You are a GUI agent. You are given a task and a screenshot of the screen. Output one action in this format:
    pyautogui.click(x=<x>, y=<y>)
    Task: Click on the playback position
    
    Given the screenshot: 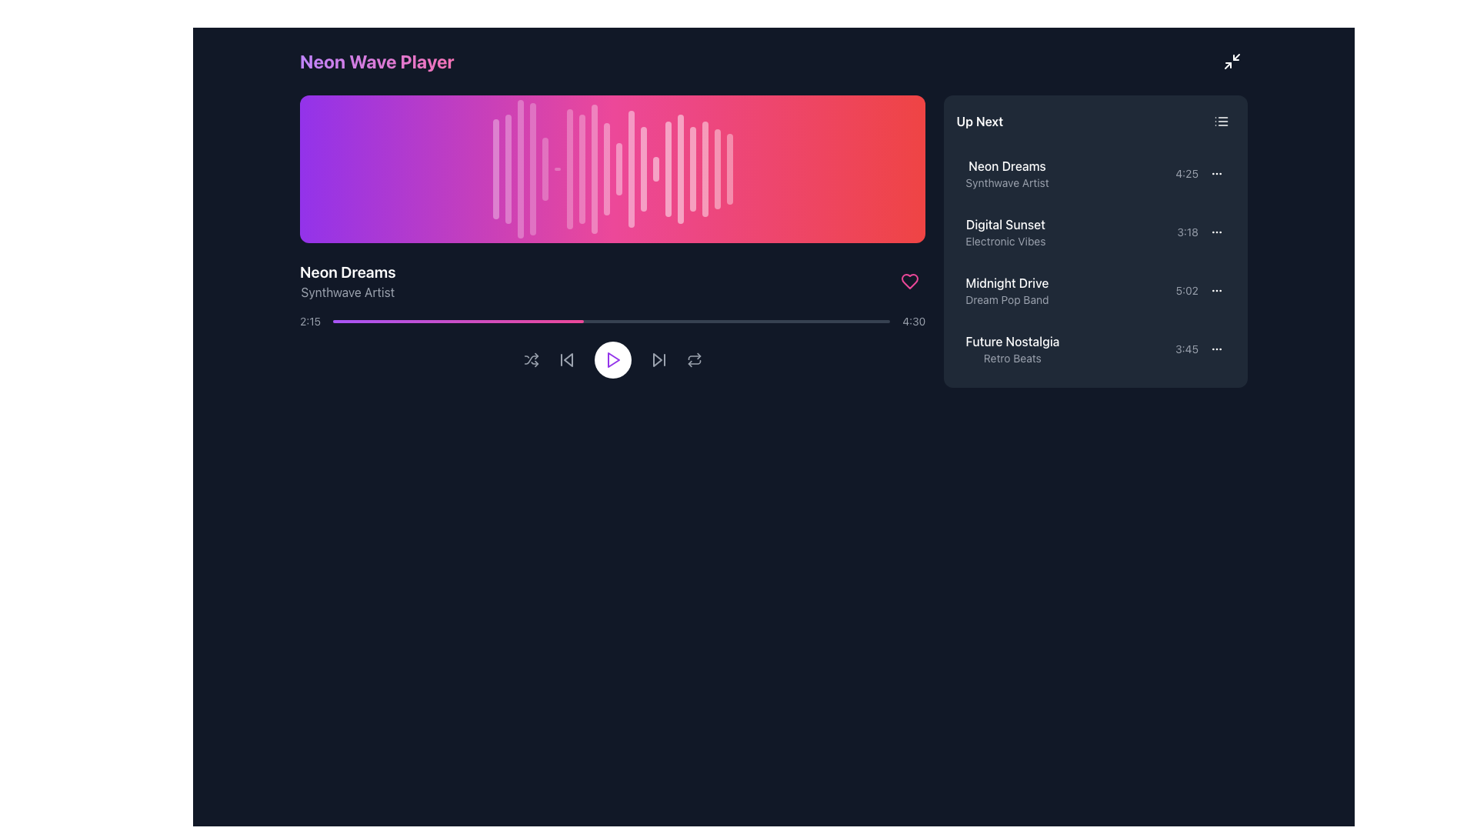 What is the action you would take?
    pyautogui.click(x=443, y=320)
    